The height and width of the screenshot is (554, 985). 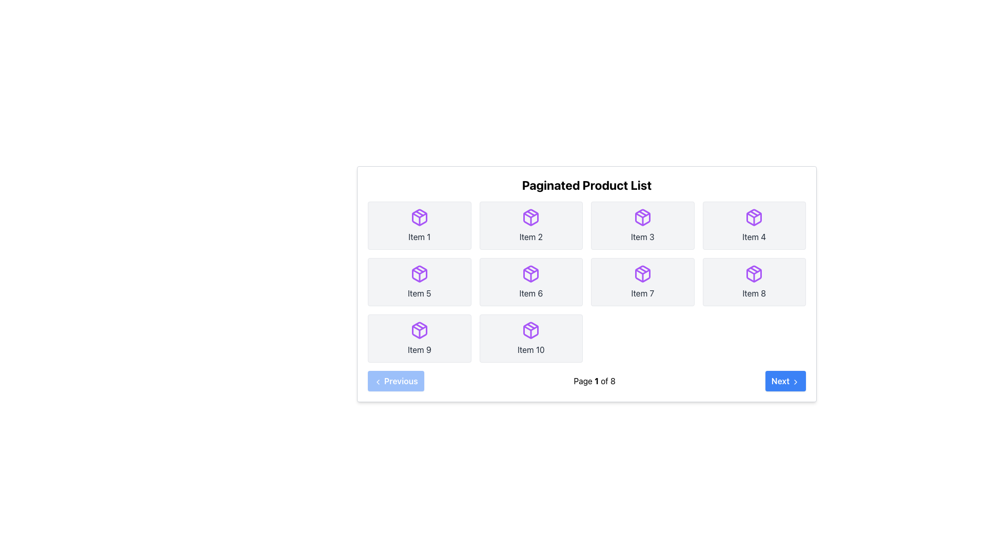 I want to click on the polygon SVG element that visually distinguishes the item within the box icon located in the fourth cell of the first row in the product list grid, so click(x=754, y=215).